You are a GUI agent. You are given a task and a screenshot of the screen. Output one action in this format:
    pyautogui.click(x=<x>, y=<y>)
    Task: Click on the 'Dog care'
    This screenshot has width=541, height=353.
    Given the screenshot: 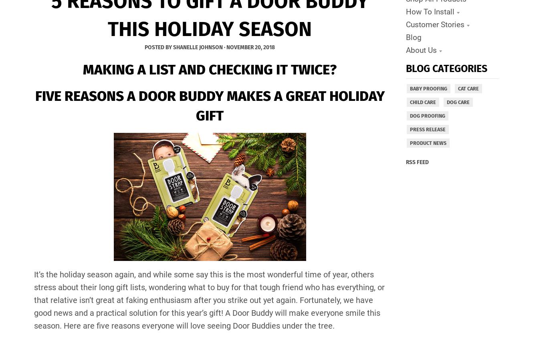 What is the action you would take?
    pyautogui.click(x=457, y=102)
    